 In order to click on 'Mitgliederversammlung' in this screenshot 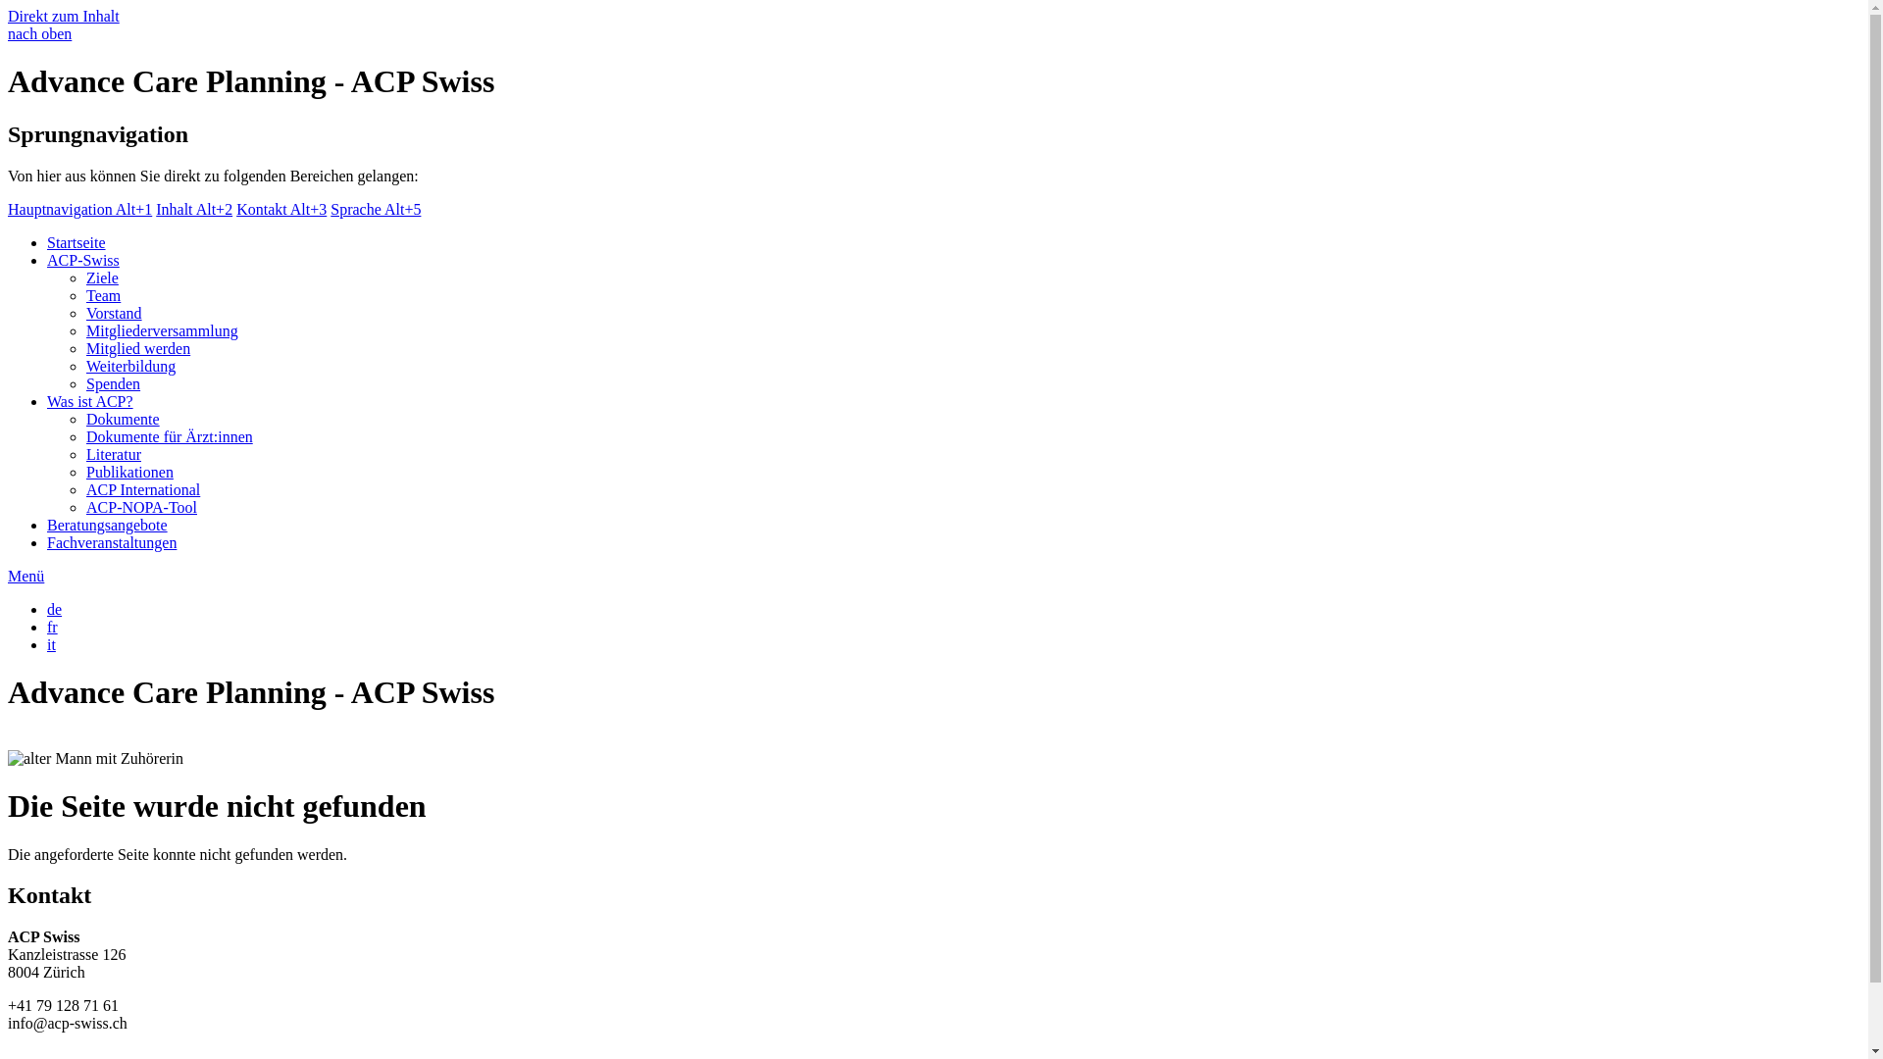, I will do `click(84, 329)`.